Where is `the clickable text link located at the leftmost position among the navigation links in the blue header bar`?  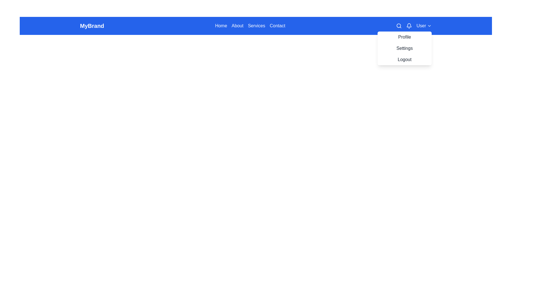 the clickable text link located at the leftmost position among the navigation links in the blue header bar is located at coordinates (221, 26).